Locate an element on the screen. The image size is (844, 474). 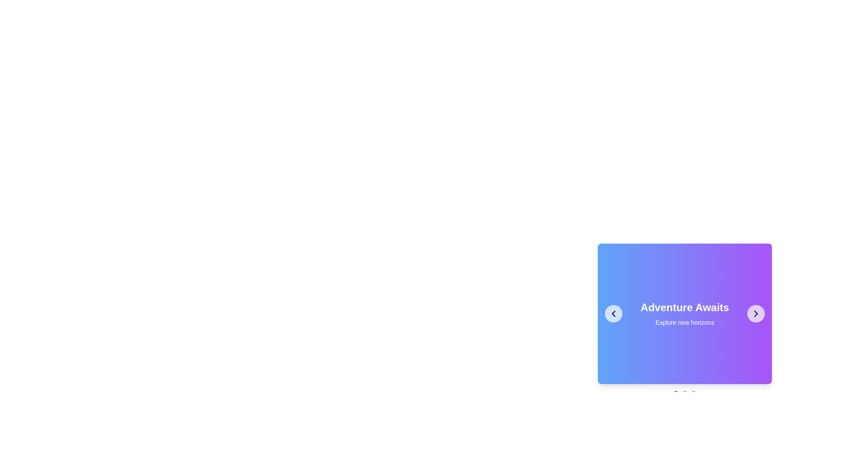
the circular button containing the leftward arrow icon is located at coordinates (613, 313).